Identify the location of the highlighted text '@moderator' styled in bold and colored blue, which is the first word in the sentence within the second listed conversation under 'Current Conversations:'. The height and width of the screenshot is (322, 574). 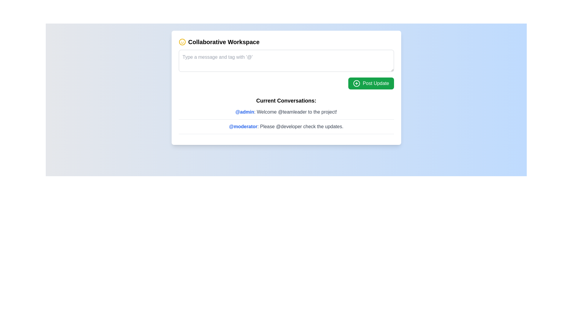
(243, 126).